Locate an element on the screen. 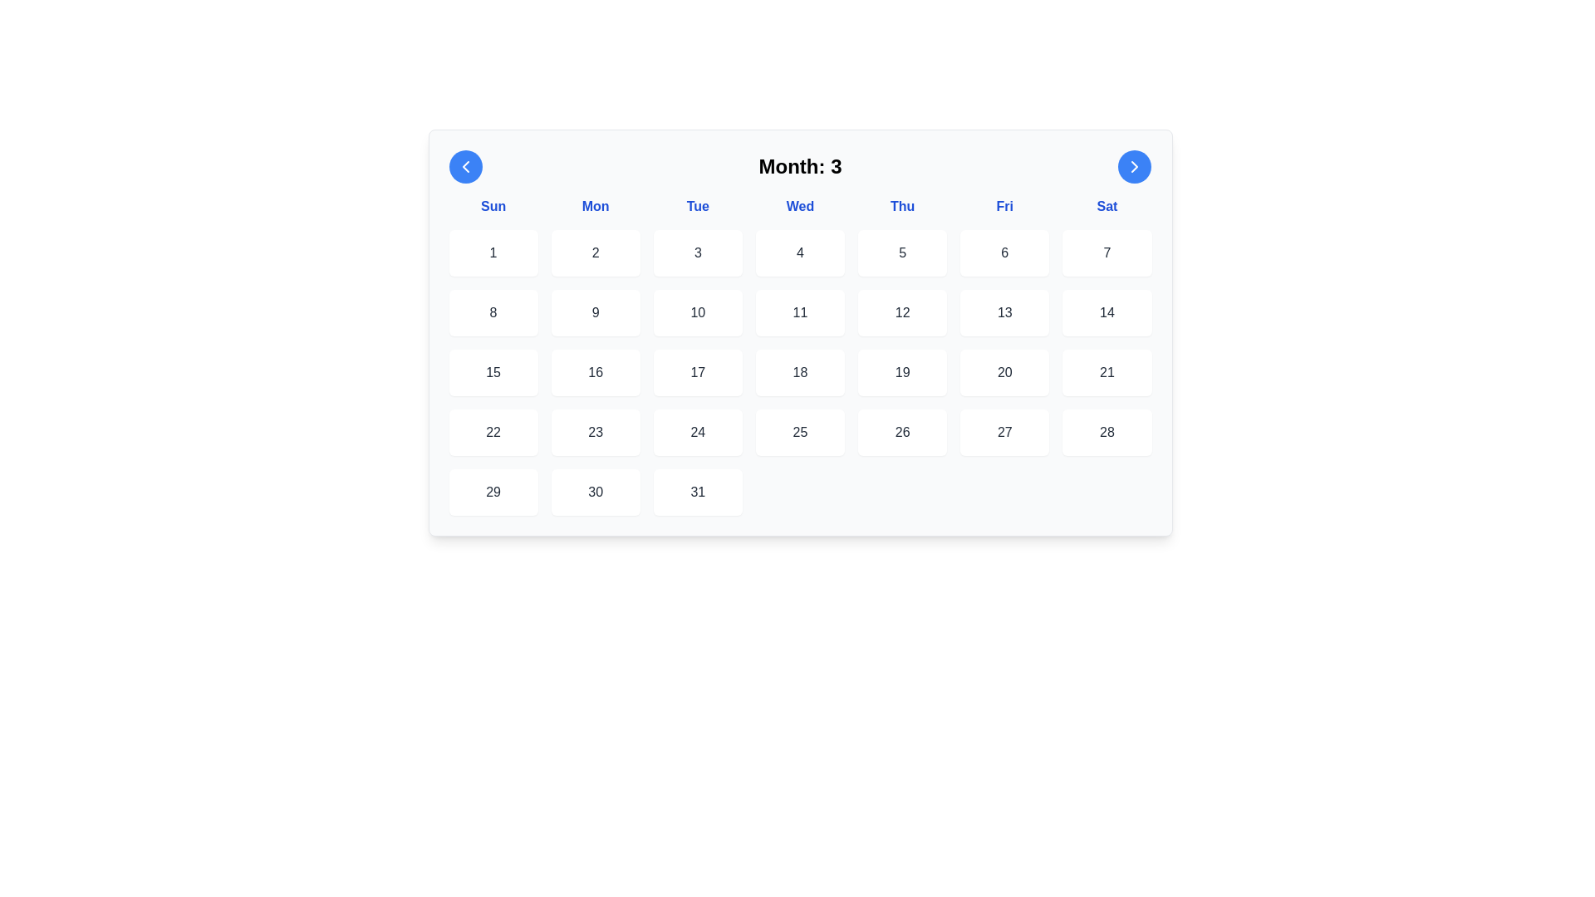 Image resolution: width=1595 pixels, height=897 pixels. the text label displaying 'Wed', which is the fourth item in the horizontal arrangement of weekday abbreviations in the calendar header is located at coordinates (800, 206).